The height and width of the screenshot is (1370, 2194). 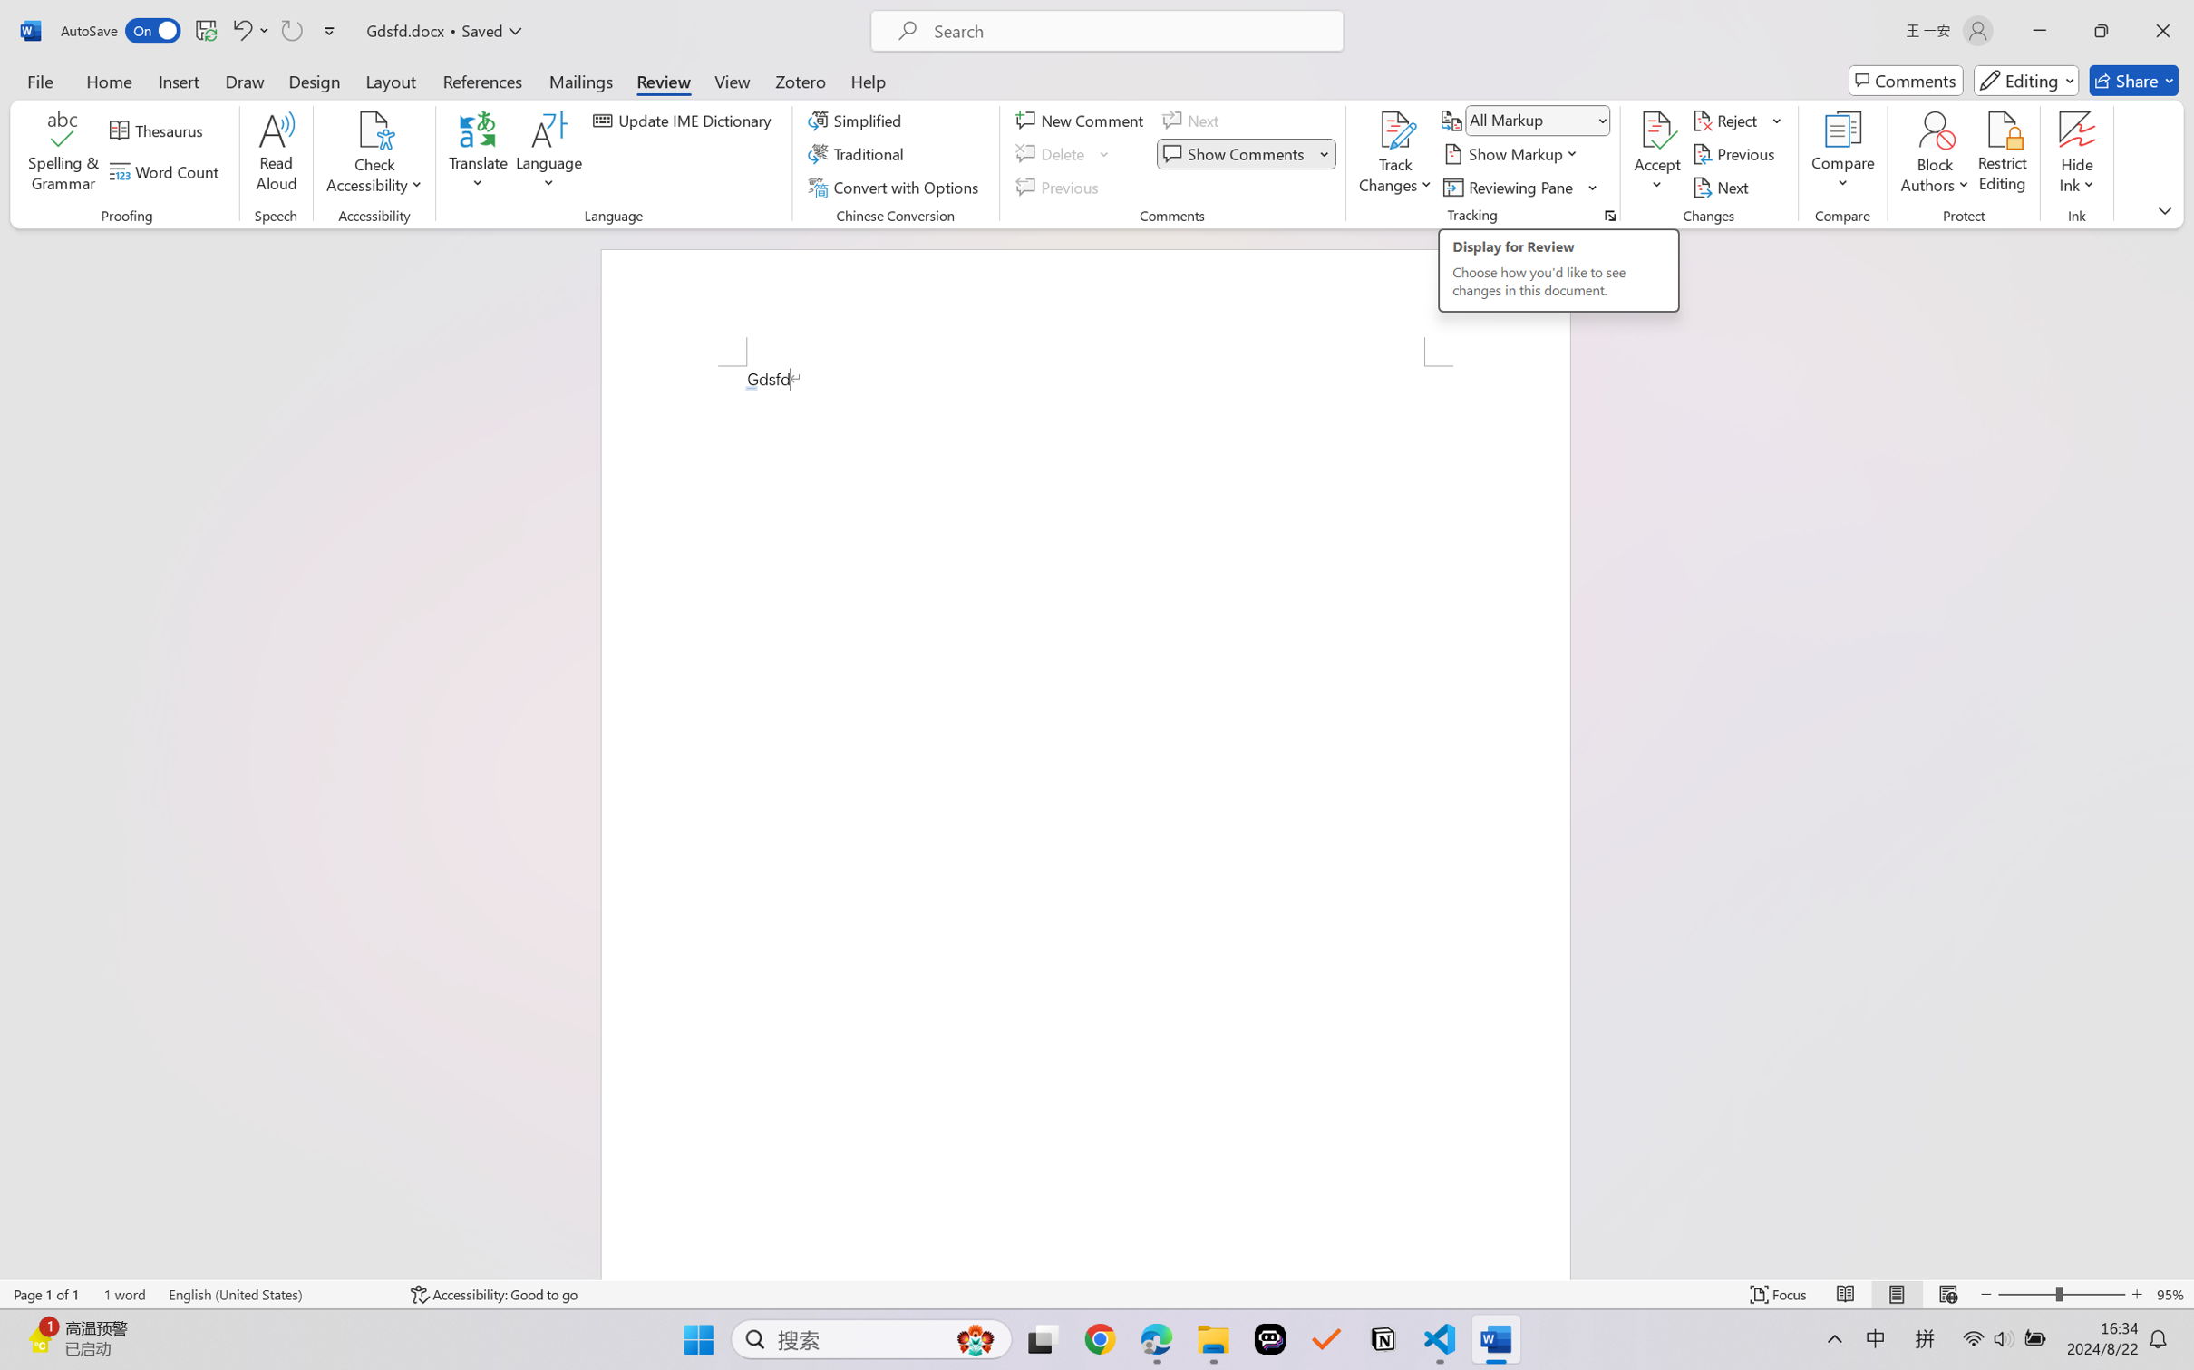 I want to click on 'Spelling & Grammar', so click(x=63, y=154).